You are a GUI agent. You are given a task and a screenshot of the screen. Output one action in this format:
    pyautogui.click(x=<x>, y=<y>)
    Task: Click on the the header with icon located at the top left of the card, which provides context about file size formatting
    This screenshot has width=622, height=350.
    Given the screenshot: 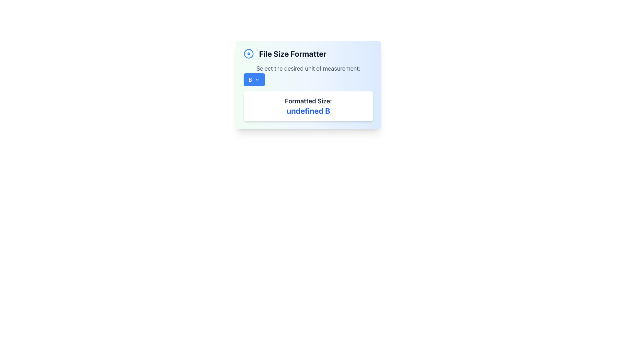 What is the action you would take?
    pyautogui.click(x=308, y=53)
    